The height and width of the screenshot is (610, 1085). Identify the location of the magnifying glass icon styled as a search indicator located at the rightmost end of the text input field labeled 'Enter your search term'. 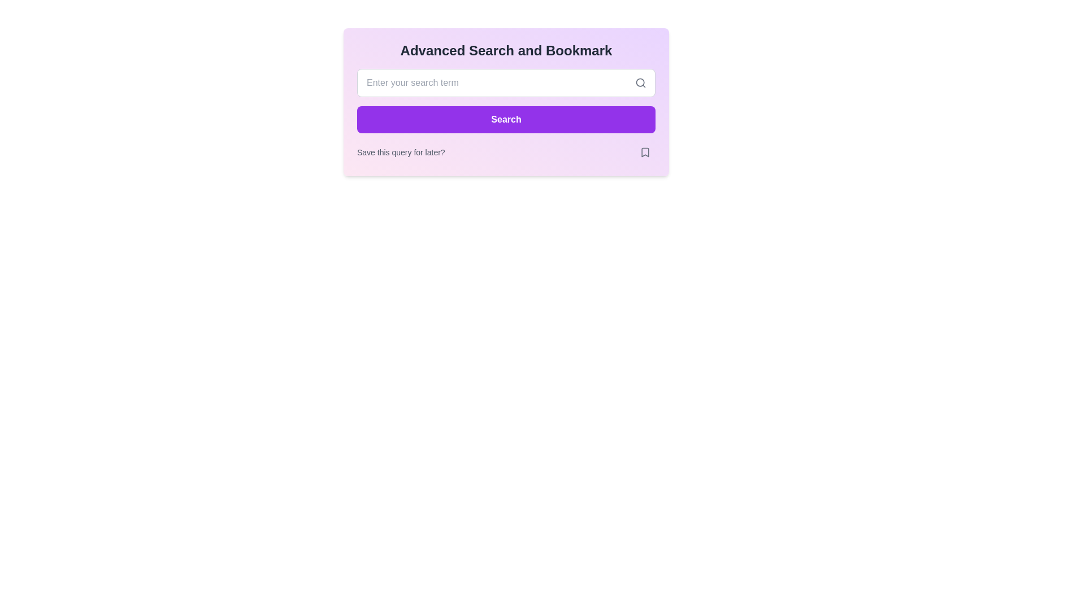
(640, 82).